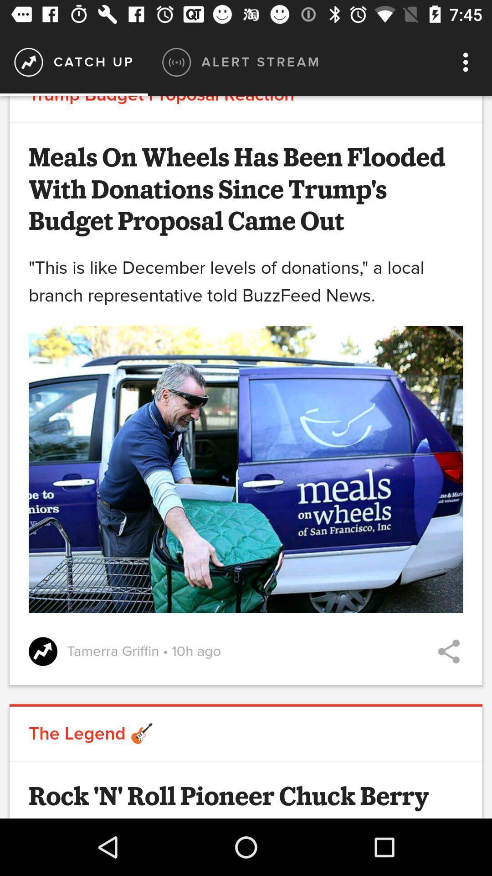  What do you see at coordinates (448, 651) in the screenshot?
I see `share the article` at bounding box center [448, 651].